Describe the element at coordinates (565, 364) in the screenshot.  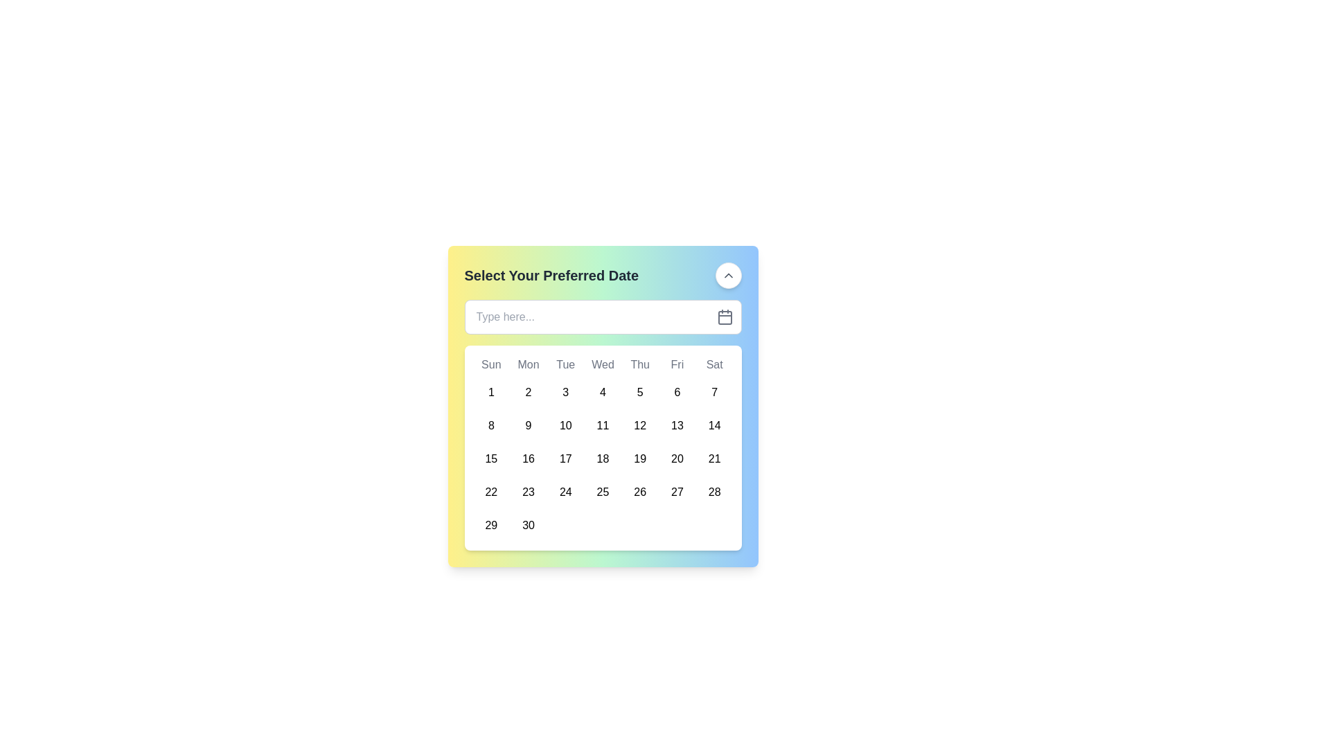
I see `the text label displaying 'Tue', which is styled in gray color and positioned in the third column of the grid layout for days` at that location.